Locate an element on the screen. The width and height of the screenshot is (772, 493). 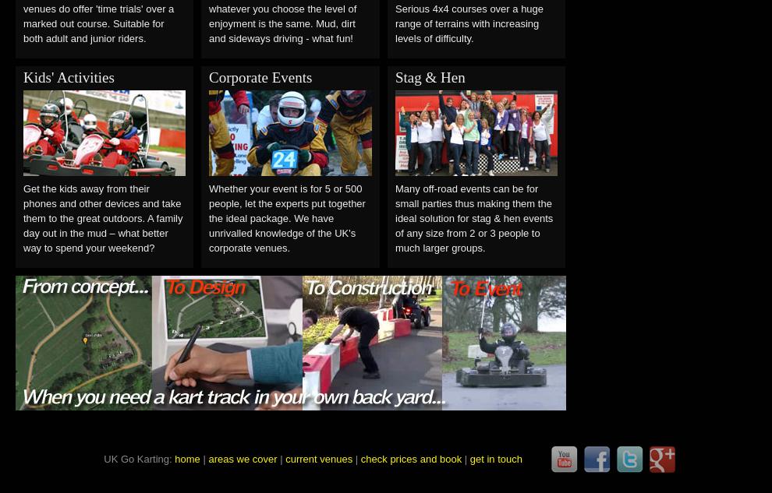
'Kids' Activities' is located at coordinates (69, 76).